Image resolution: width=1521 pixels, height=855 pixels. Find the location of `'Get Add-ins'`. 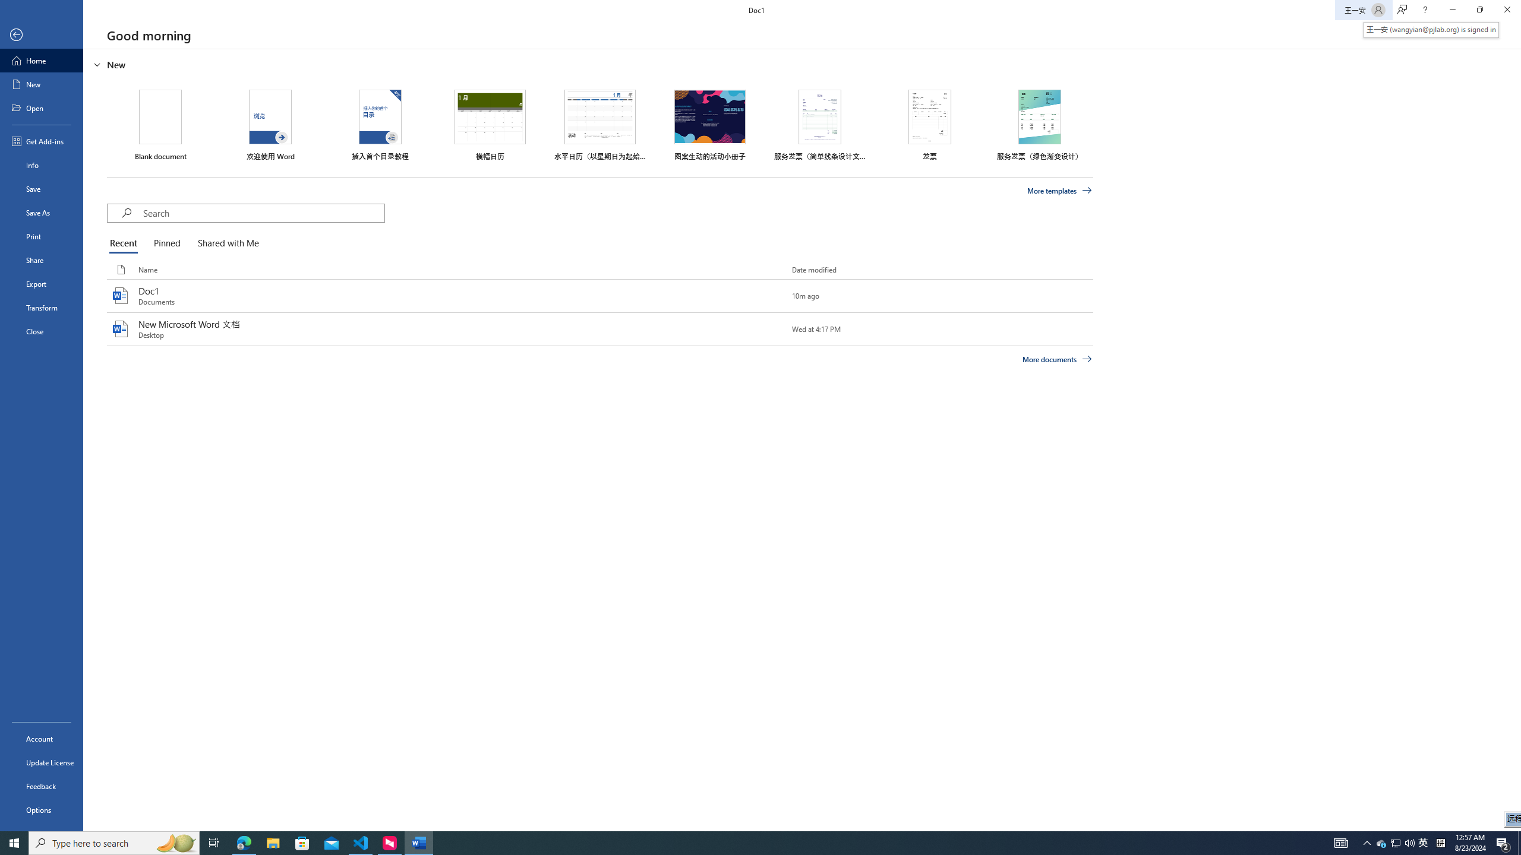

'Get Add-ins' is located at coordinates (41, 141).